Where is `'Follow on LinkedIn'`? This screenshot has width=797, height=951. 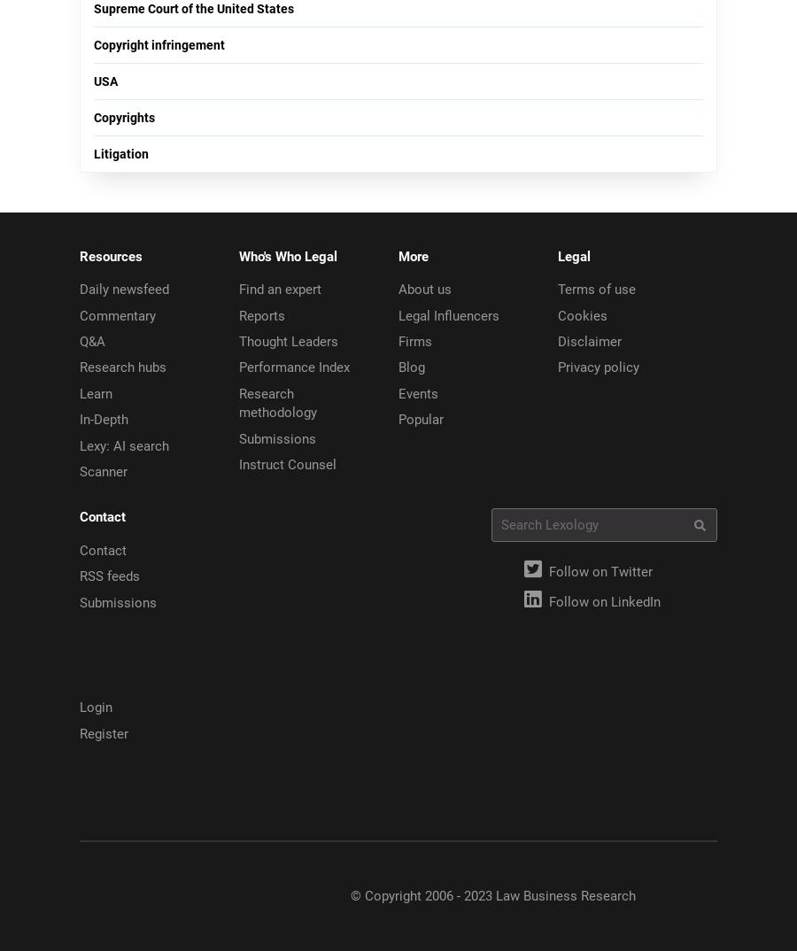 'Follow on LinkedIn' is located at coordinates (604, 599).